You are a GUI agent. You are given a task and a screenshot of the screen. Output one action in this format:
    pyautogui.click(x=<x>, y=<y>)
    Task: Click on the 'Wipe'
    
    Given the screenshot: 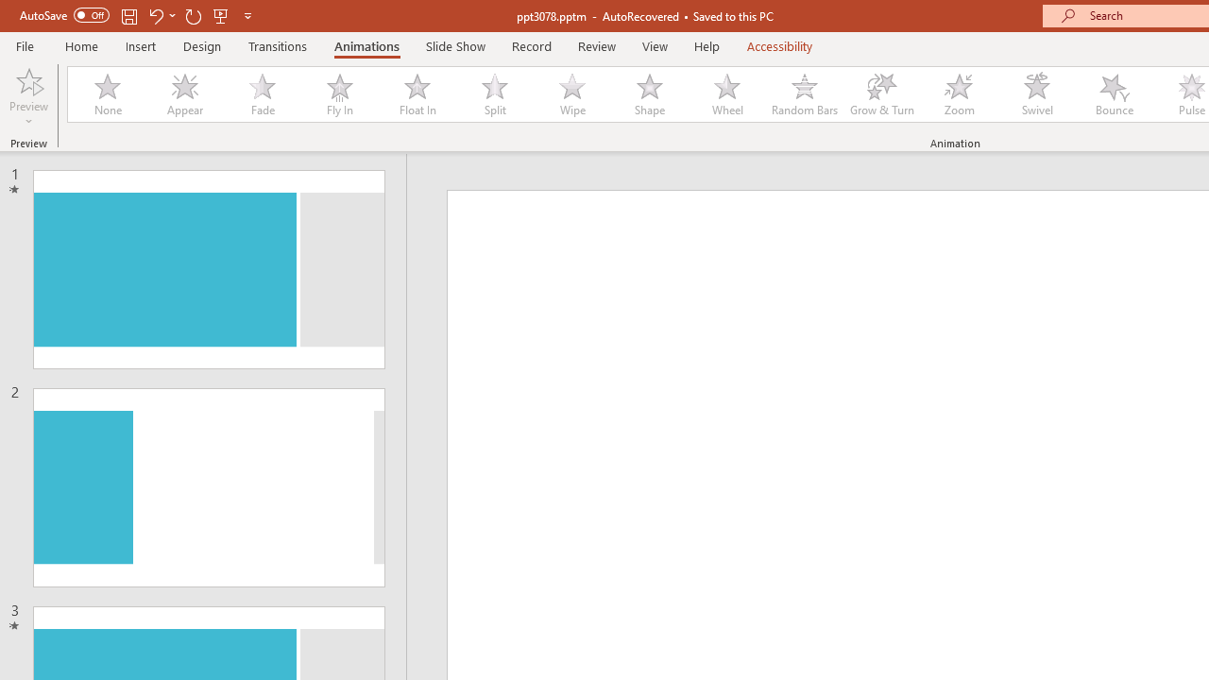 What is the action you would take?
    pyautogui.click(x=570, y=94)
    